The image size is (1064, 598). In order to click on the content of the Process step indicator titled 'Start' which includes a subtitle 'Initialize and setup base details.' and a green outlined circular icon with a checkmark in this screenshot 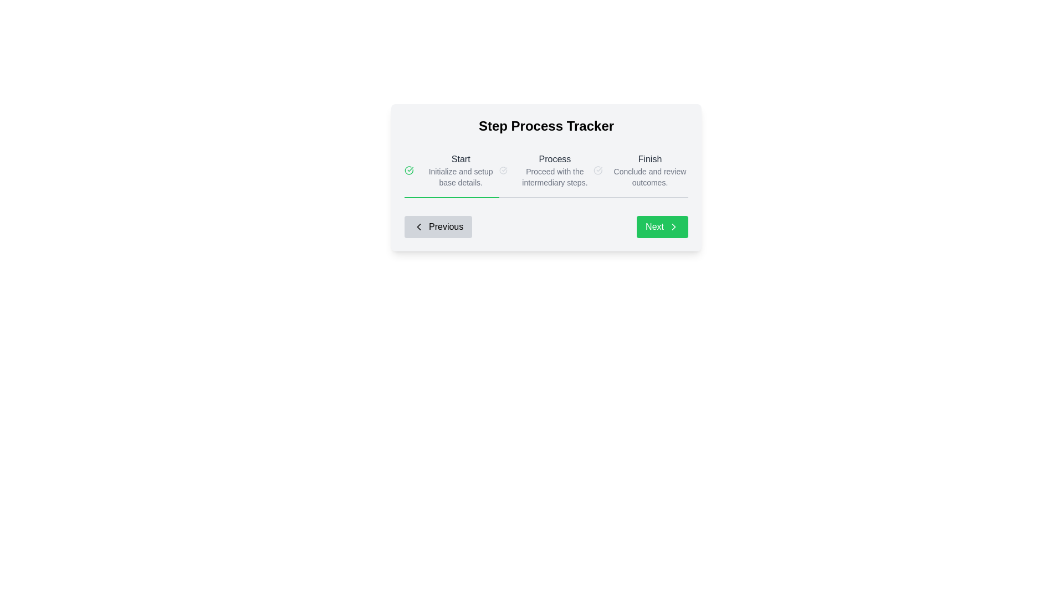, I will do `click(452, 171)`.